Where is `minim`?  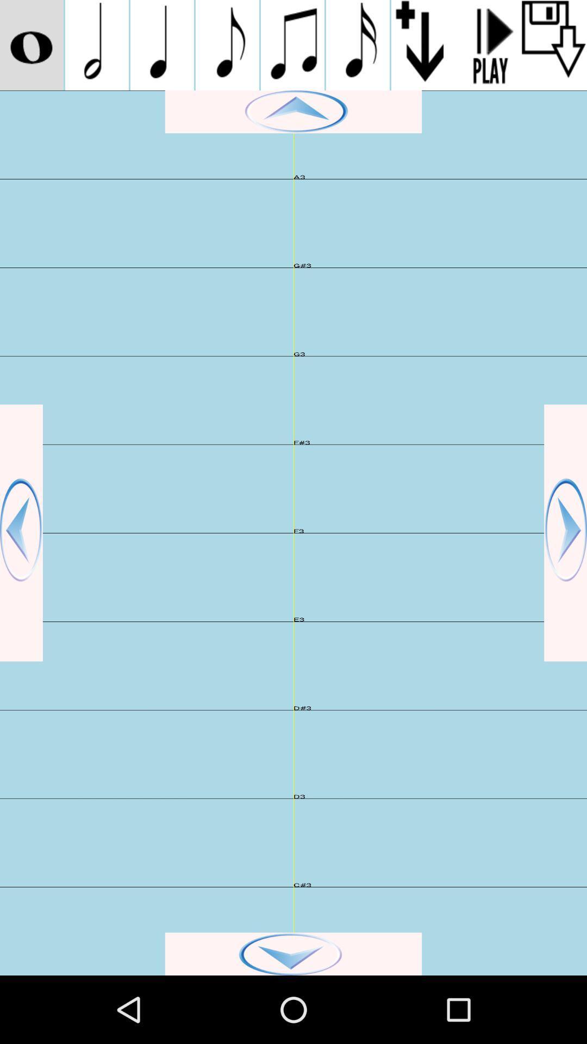
minim is located at coordinates (96, 45).